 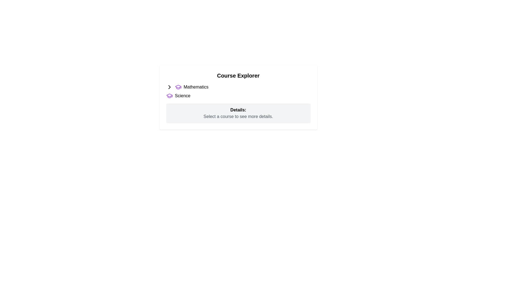 What do you see at coordinates (238, 96) in the screenshot?
I see `the 'Science' text label with an associated icon downwards` at bounding box center [238, 96].